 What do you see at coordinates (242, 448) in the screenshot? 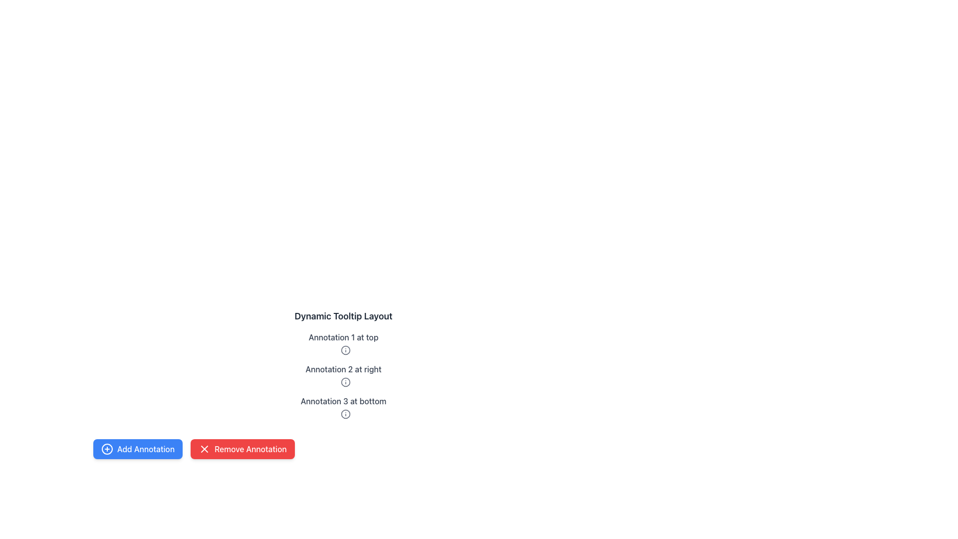
I see `the button located to the right of the 'Add Annotation' button` at bounding box center [242, 448].